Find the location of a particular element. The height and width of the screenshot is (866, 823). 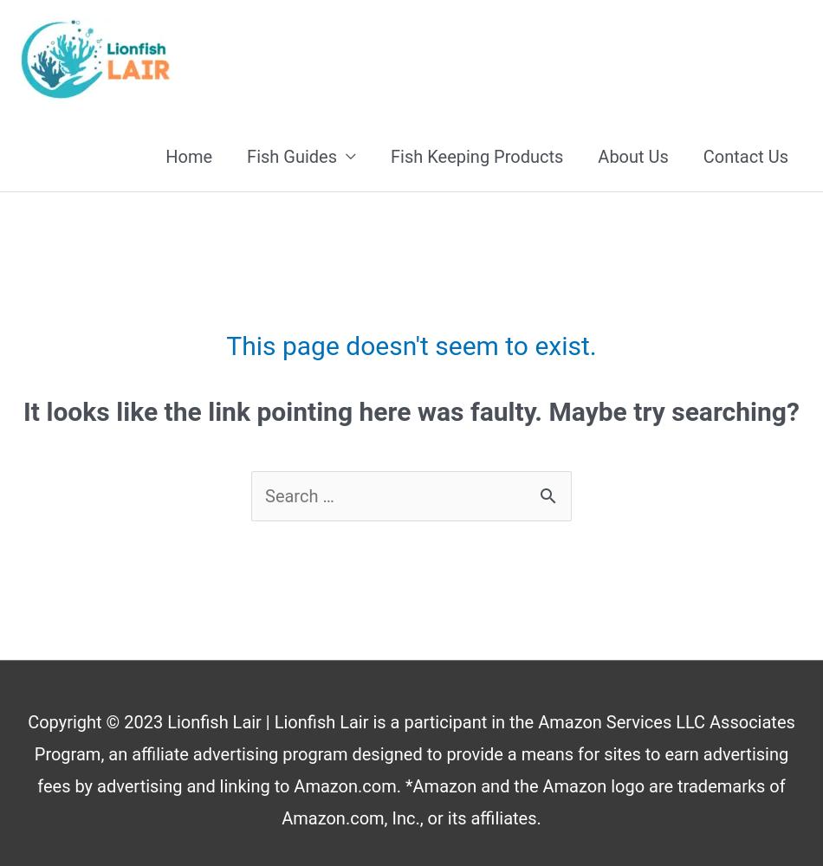

'Fish Keeping Products' is located at coordinates (476, 157).